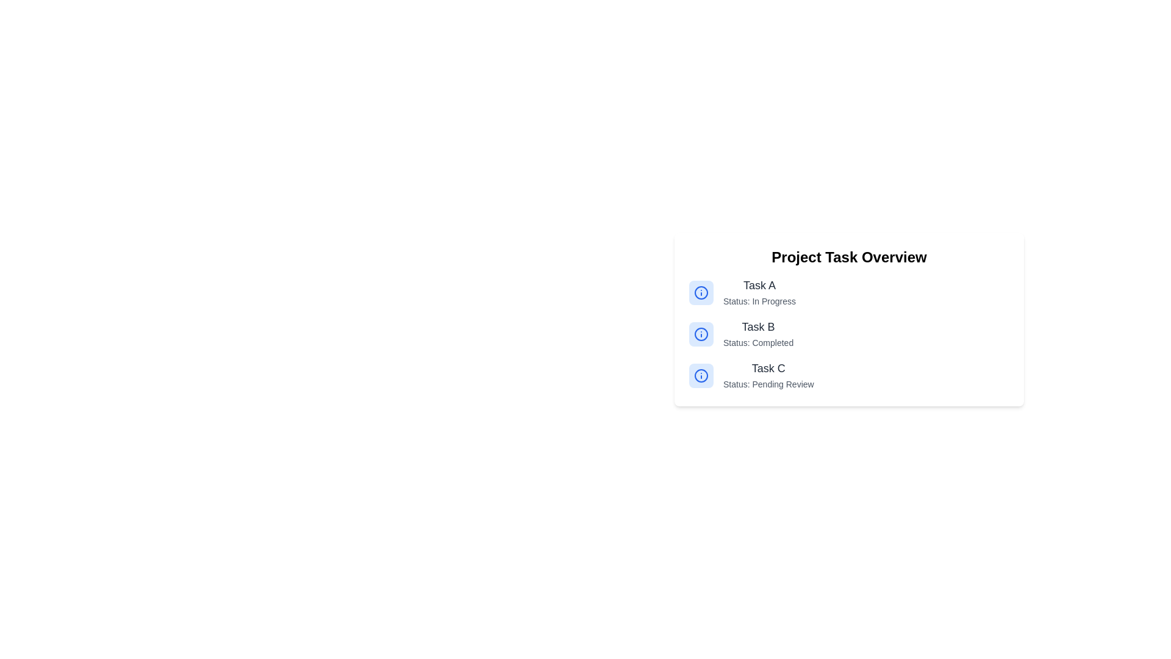 Image resolution: width=1171 pixels, height=659 pixels. Describe the element at coordinates (848, 334) in the screenshot. I see `task details displayed in the Information Display Panel for 'Task B', which shows the status as 'Completed'` at that location.